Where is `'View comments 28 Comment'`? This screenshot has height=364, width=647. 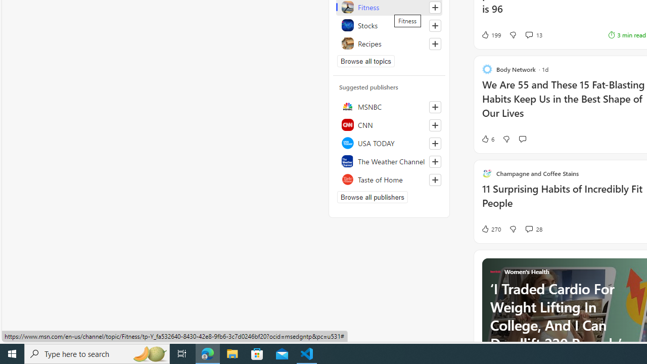 'View comments 28 Comment' is located at coordinates (533, 229).